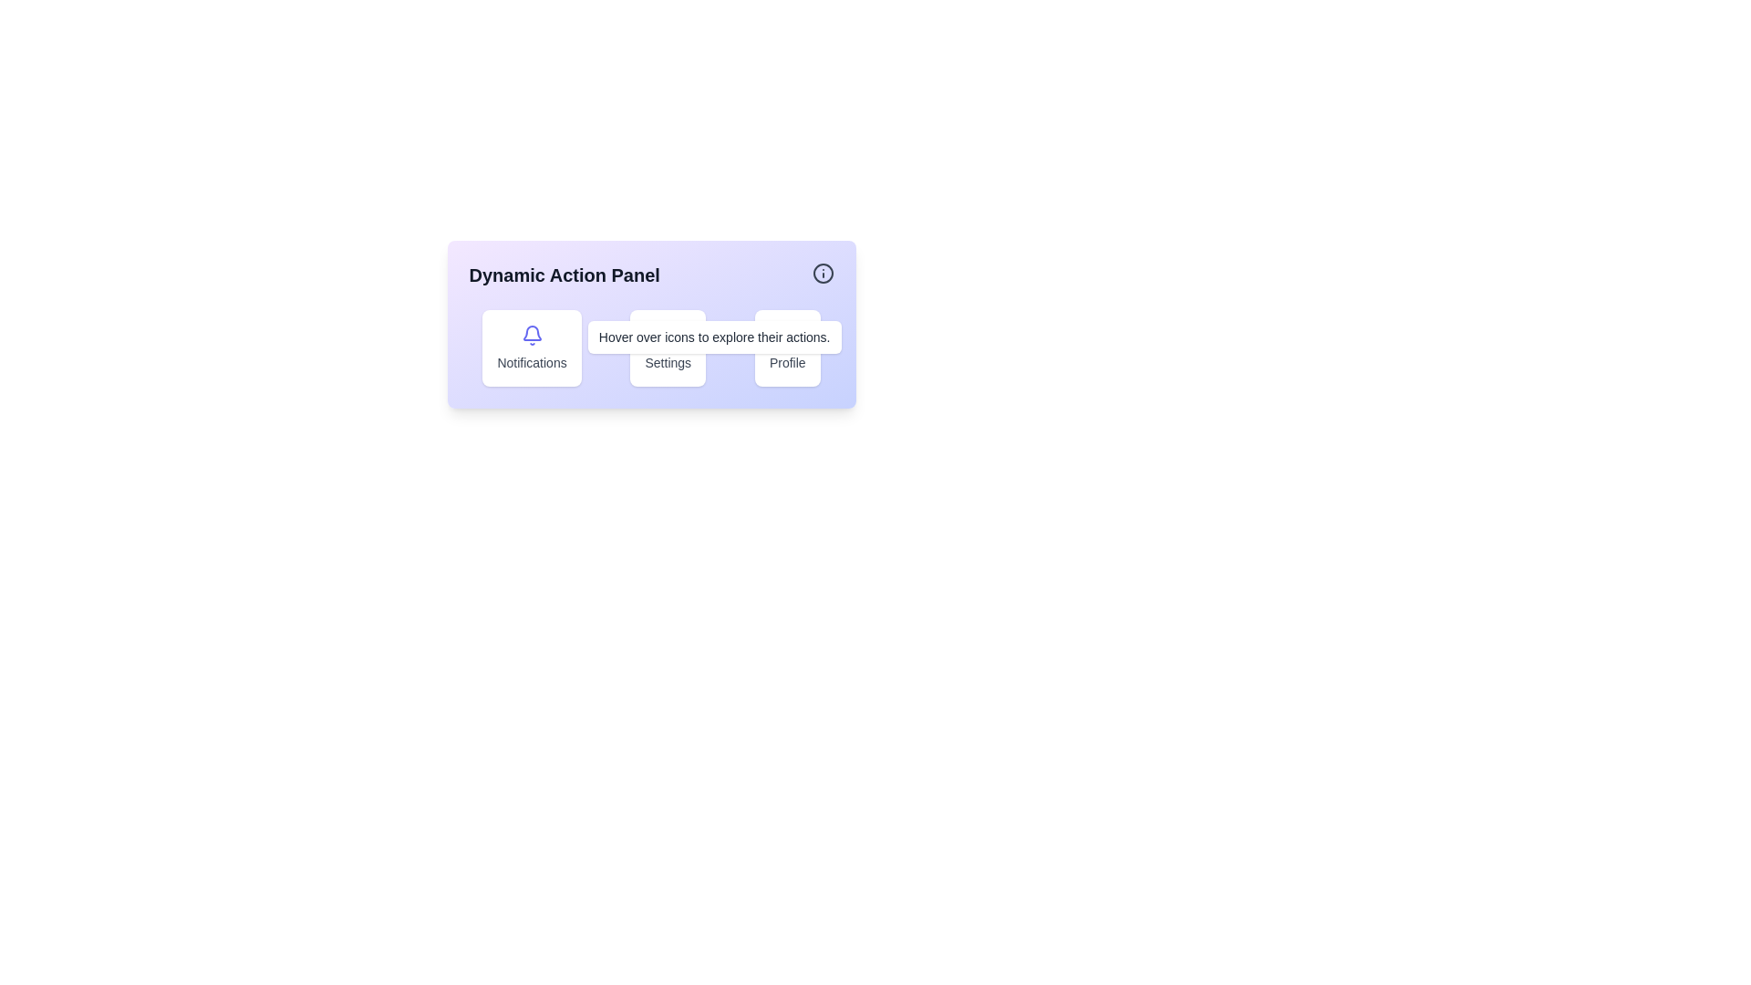 This screenshot has width=1751, height=985. What do you see at coordinates (531, 362) in the screenshot?
I see `descriptive label for the 'Notifications' section, located at the bottom of the white card, below the bell icon` at bounding box center [531, 362].